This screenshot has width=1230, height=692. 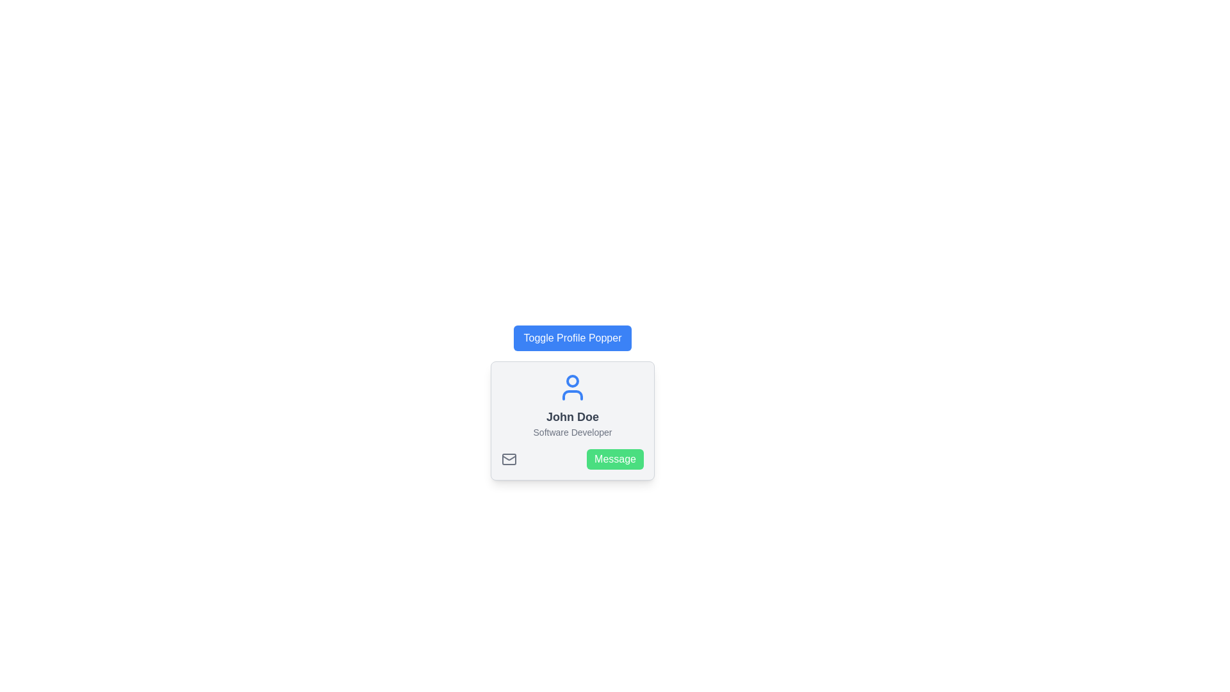 I want to click on the text label indicating the professional title of the user, which is located within the profile card under the name 'John Doe' and above the 'Message' button, so click(x=571, y=432).